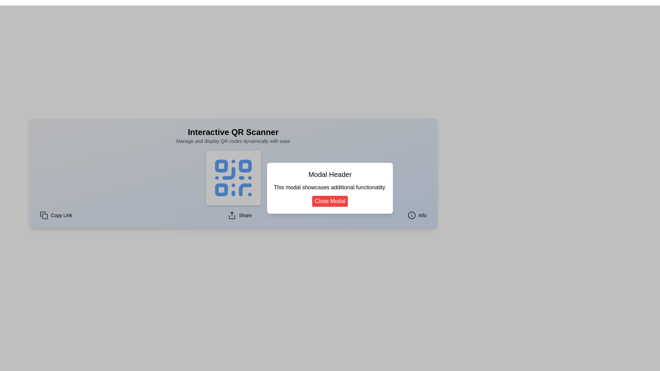  I want to click on the first visual block component of the QR code structure, located at the top-left corner of the QR code interface, so click(221, 166).